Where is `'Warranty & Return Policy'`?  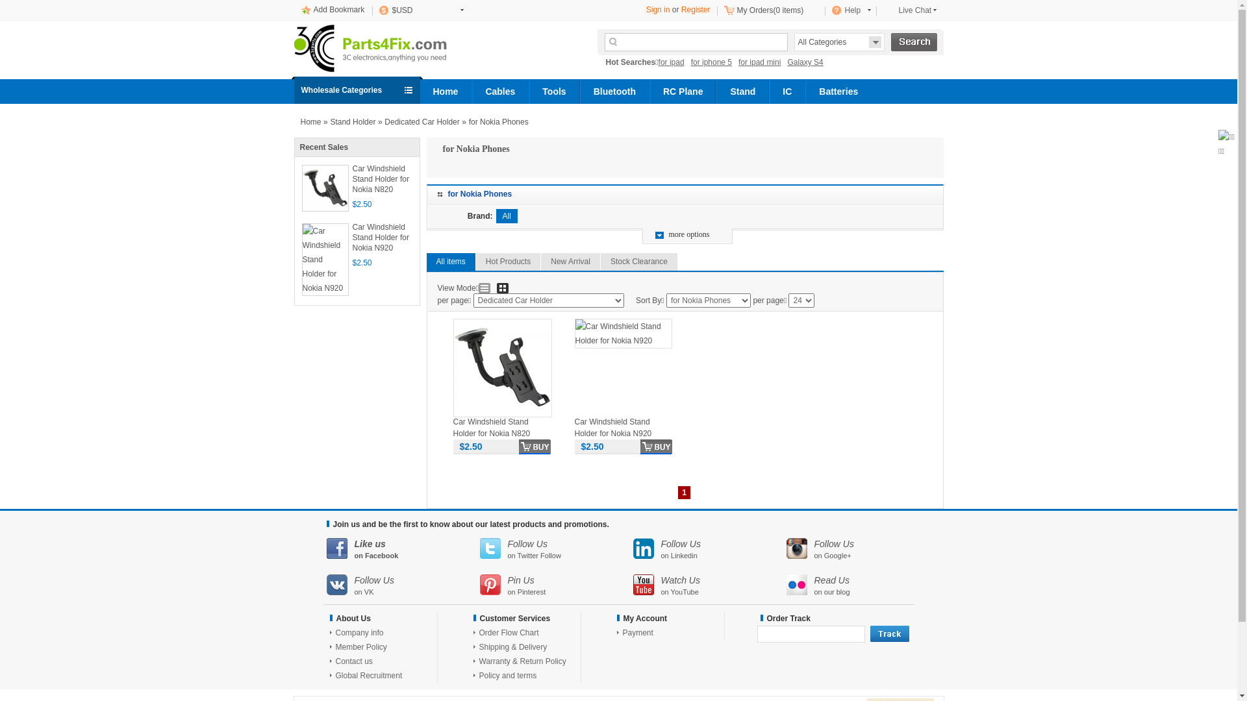 'Warranty & Return Policy' is located at coordinates (523, 661).